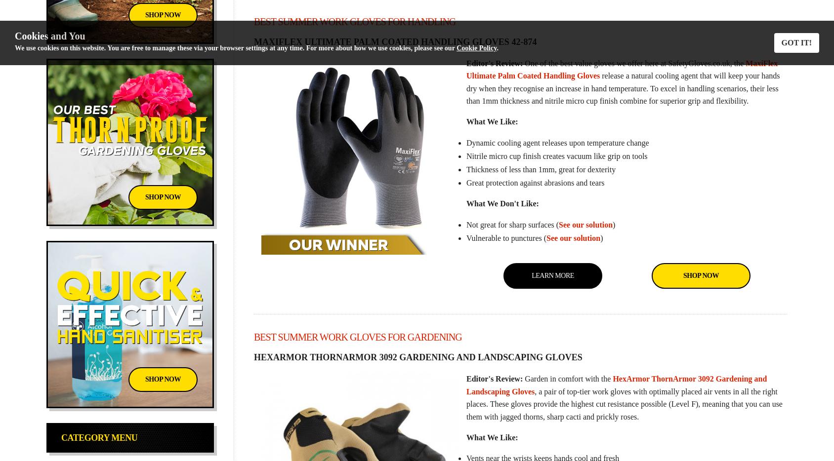 This screenshot has height=461, width=834. I want to click on 'MaxiFlex Ultimate Palm Coated Handling Gloves 42-874', so click(395, 41).